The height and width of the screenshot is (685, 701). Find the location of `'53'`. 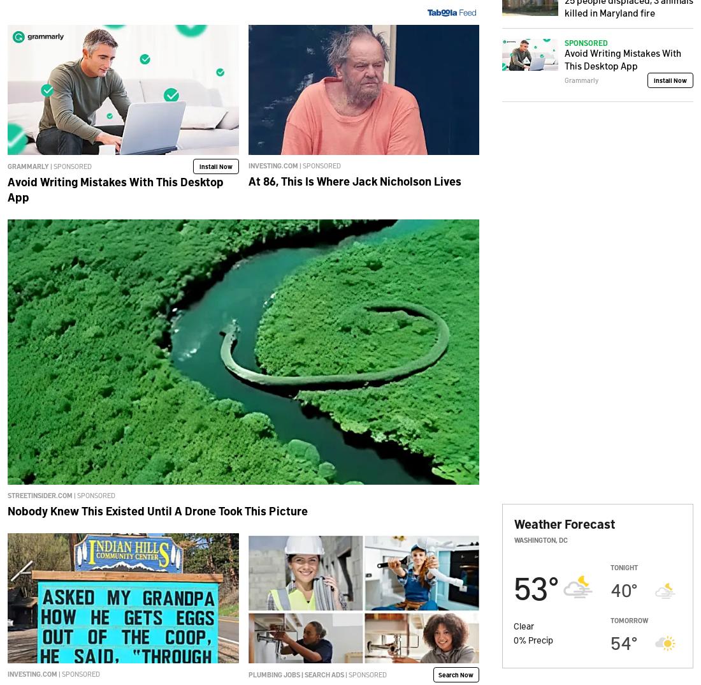

'53' is located at coordinates (530, 586).